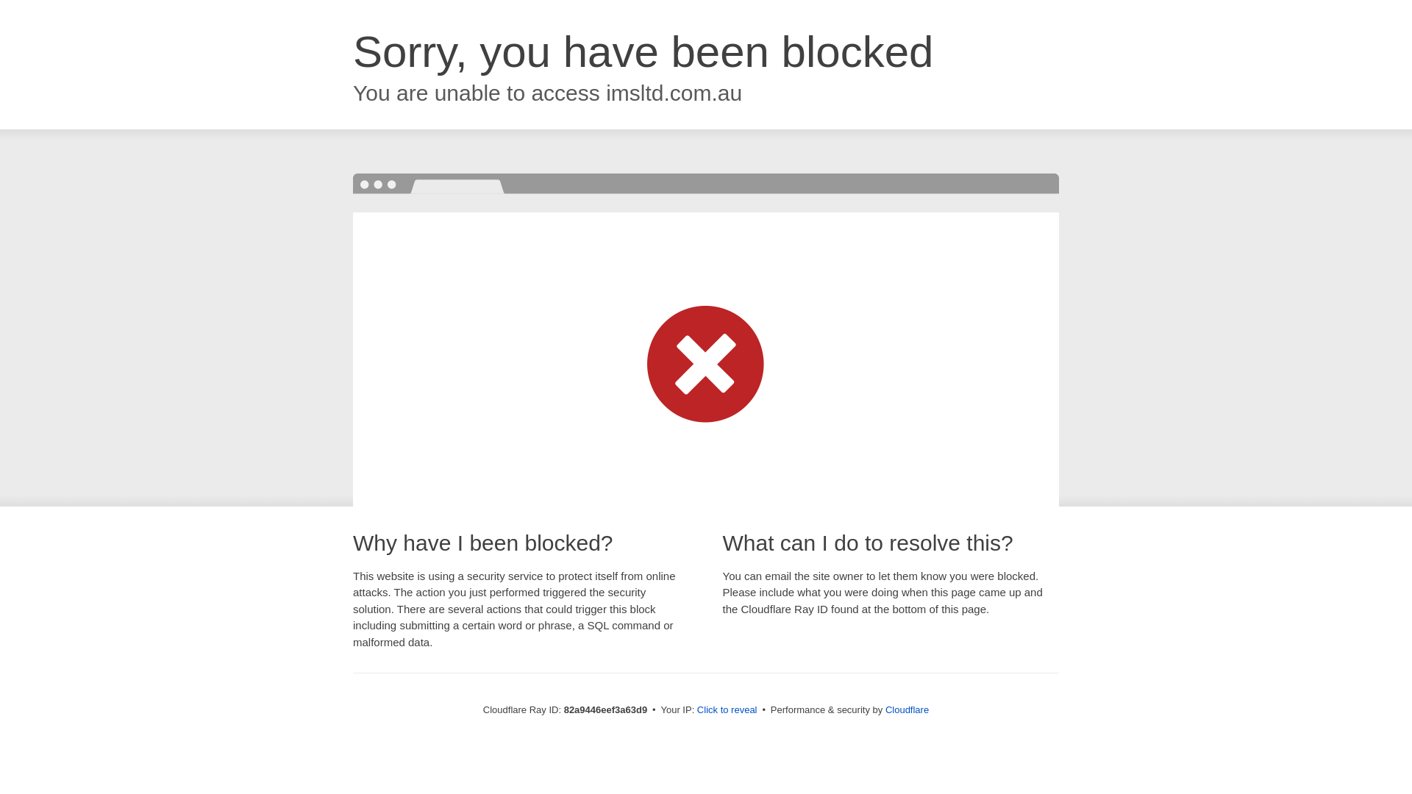  What do you see at coordinates (727, 709) in the screenshot?
I see `'Click to reveal'` at bounding box center [727, 709].